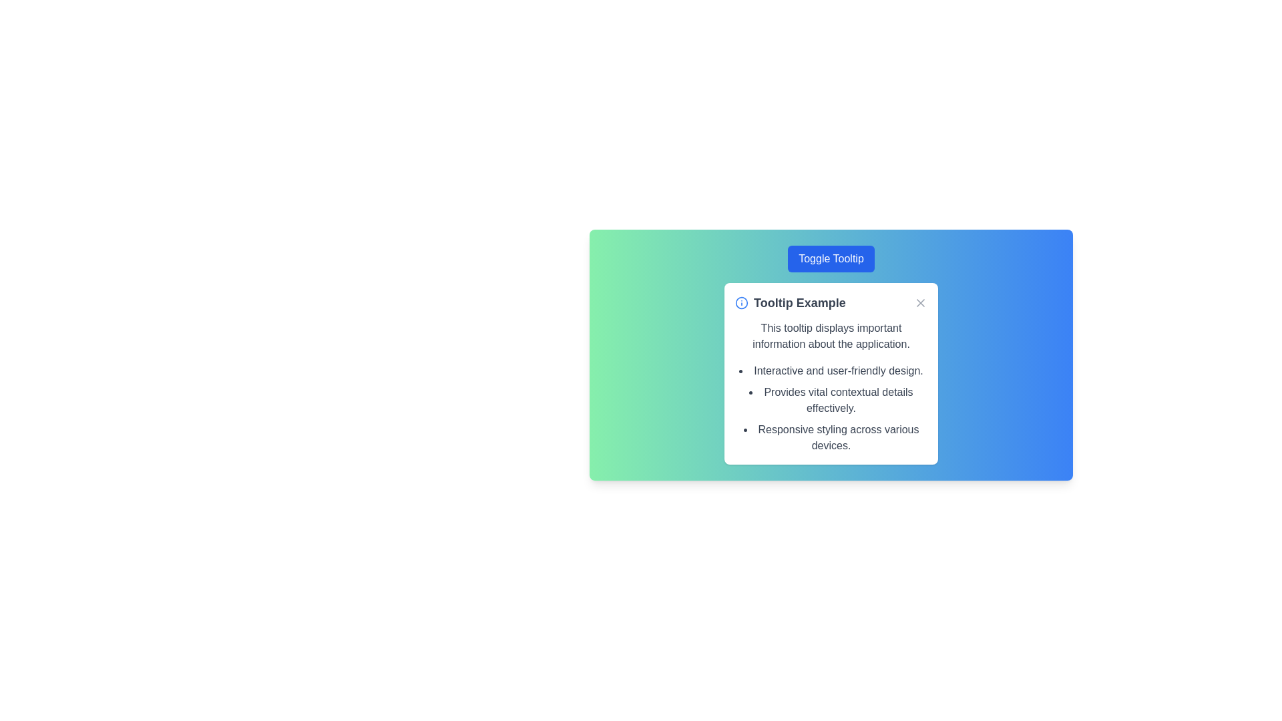 The height and width of the screenshot is (721, 1282). What do you see at coordinates (919, 303) in the screenshot?
I see `the Close Button icon, which is a small diagonal cross mark located in the top-right corner of the tooltip titled 'Tooltip Example'` at bounding box center [919, 303].